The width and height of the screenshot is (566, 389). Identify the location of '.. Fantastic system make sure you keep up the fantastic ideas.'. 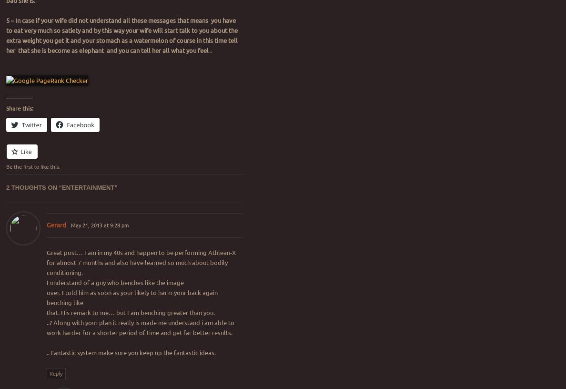
(131, 352).